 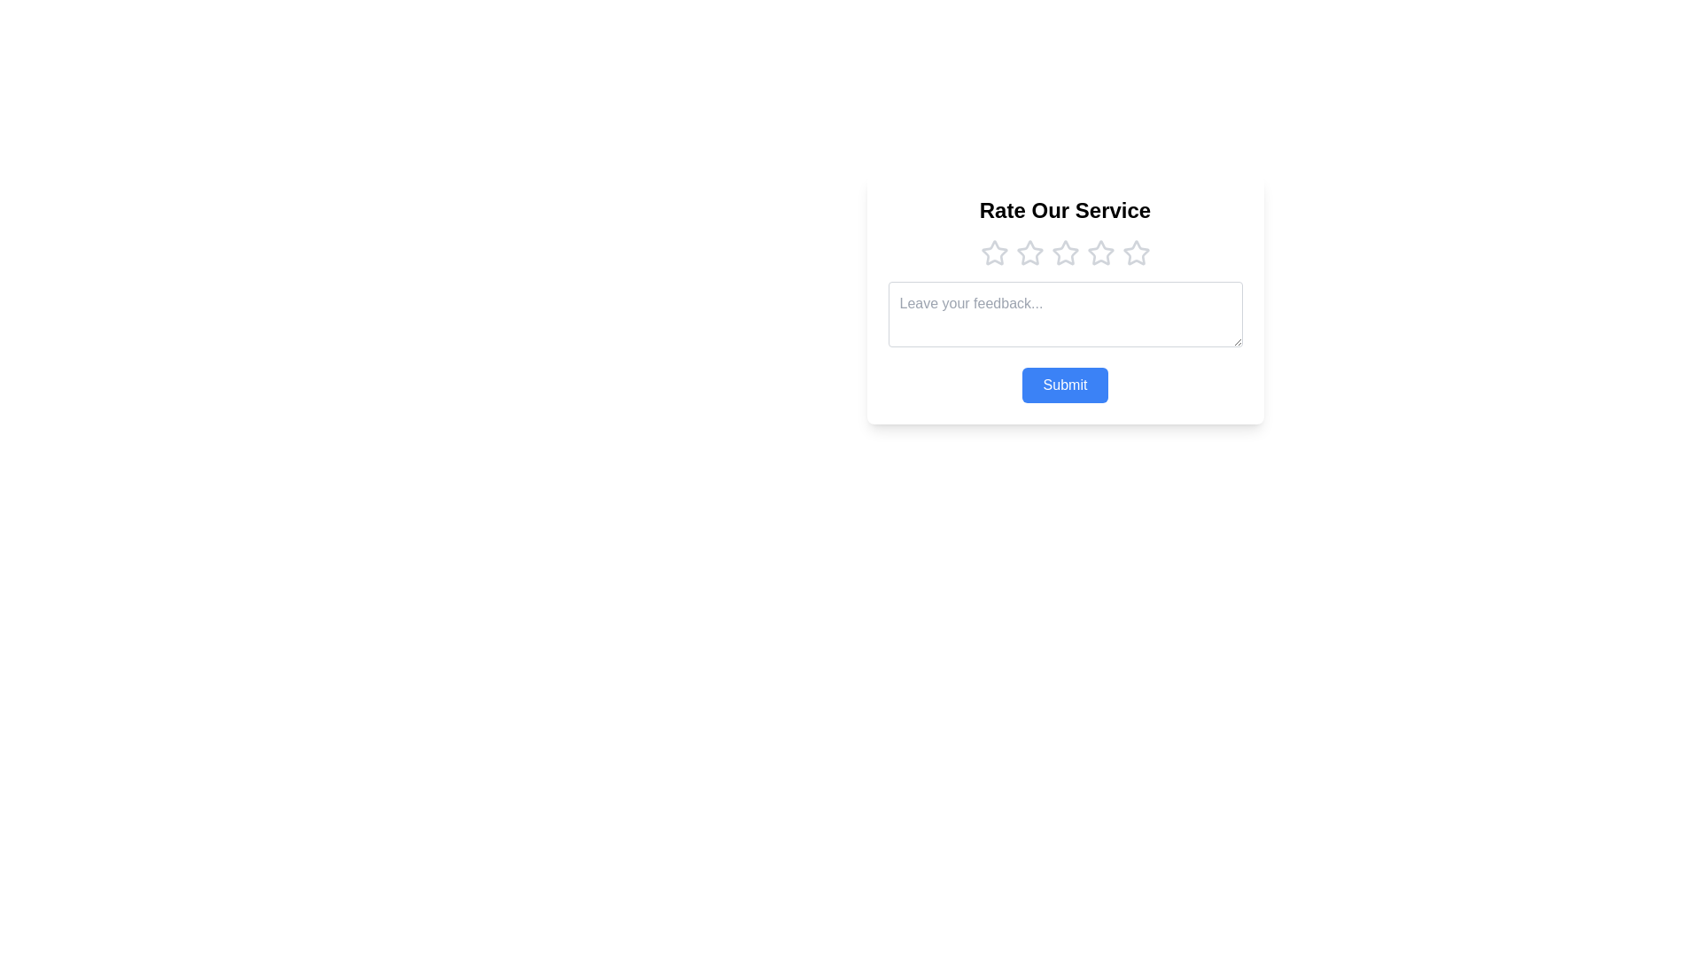 I want to click on on the first star rating icon in the 5-star rating system, so click(x=994, y=253).